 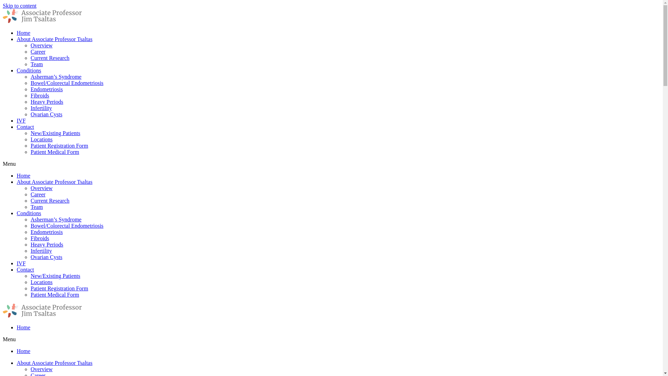 What do you see at coordinates (41, 45) in the screenshot?
I see `'Overview'` at bounding box center [41, 45].